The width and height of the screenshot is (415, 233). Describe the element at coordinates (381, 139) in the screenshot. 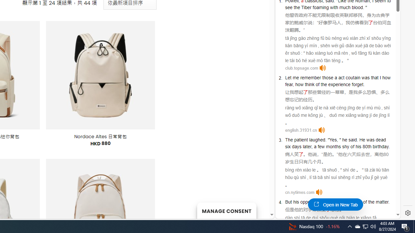

I see `'dead'` at that location.